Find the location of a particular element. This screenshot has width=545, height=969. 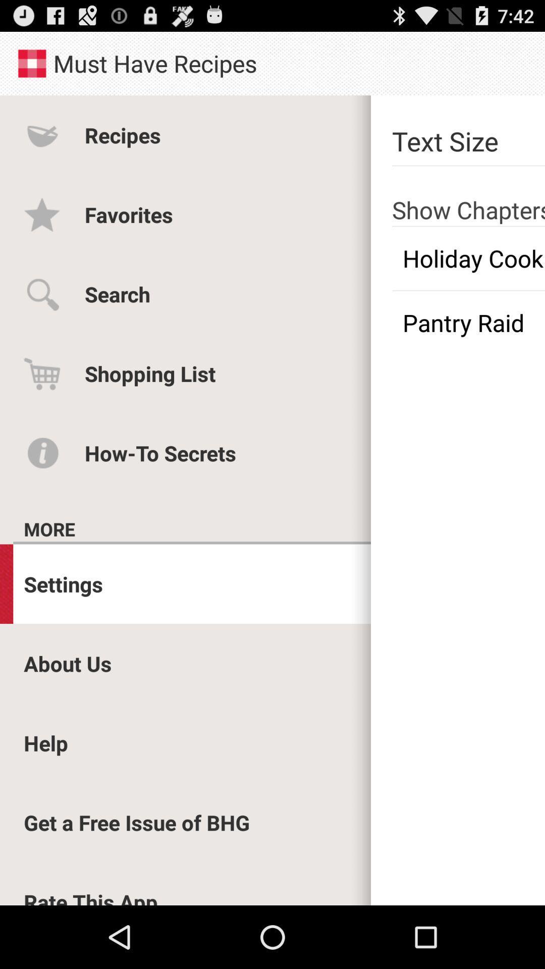

pantry raid checkbox is located at coordinates (468, 322).